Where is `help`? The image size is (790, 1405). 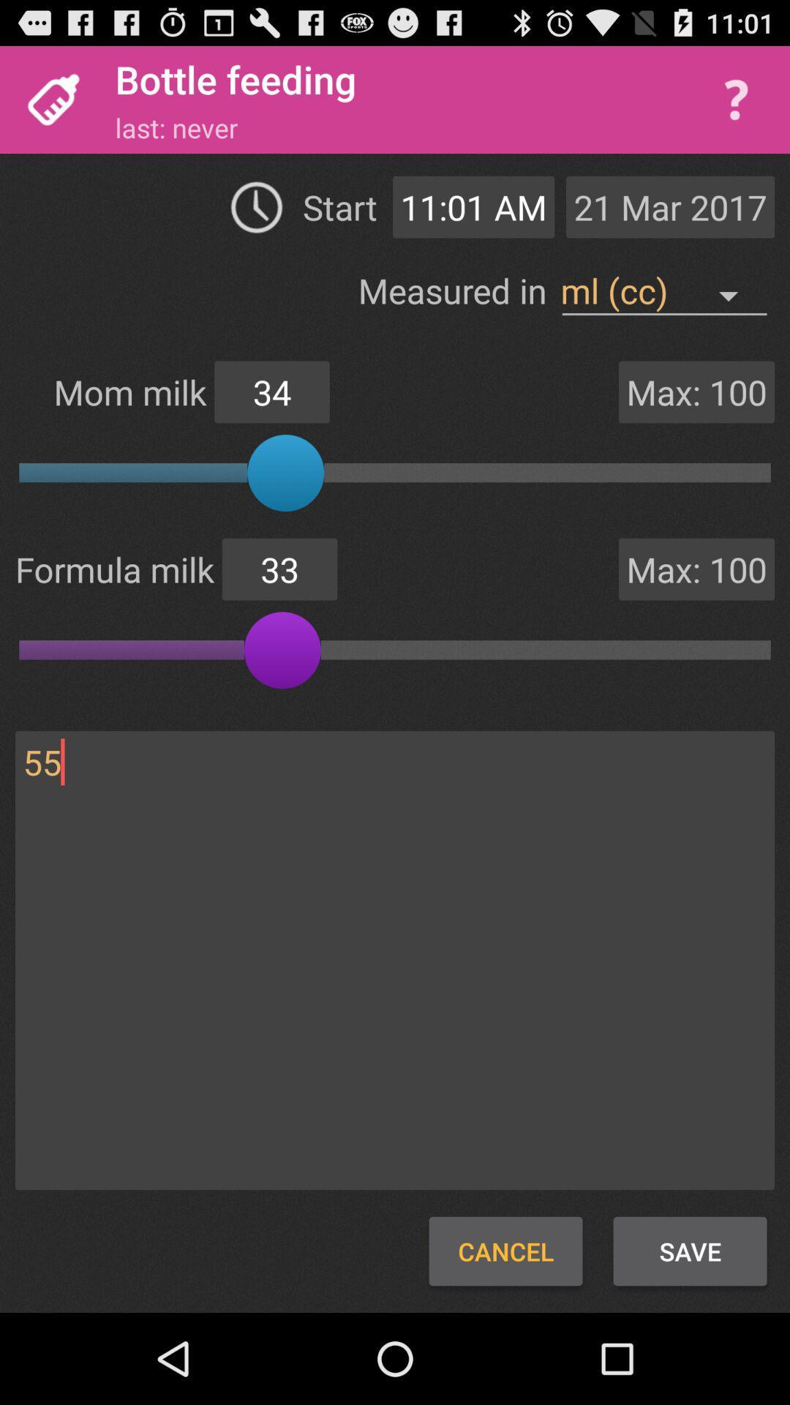 help is located at coordinates (736, 99).